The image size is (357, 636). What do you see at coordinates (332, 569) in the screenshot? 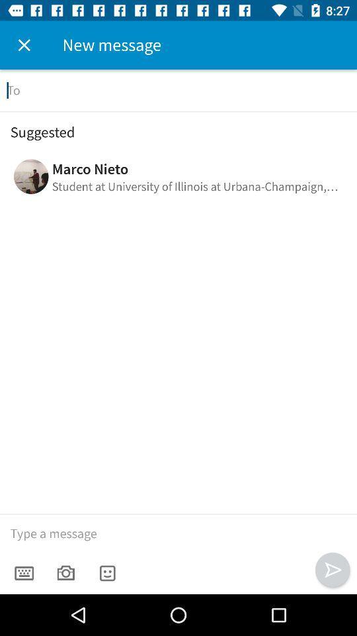
I see `the send icon` at bounding box center [332, 569].